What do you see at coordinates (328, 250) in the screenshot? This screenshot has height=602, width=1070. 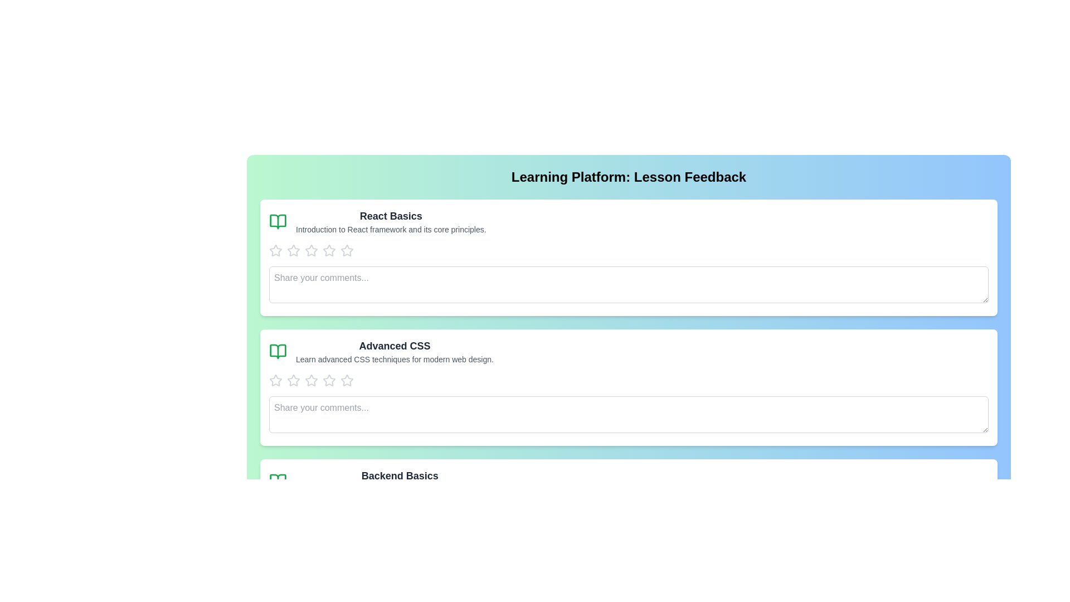 I see `the third star icon in the rating mechanism under the 'React Basics' section` at bounding box center [328, 250].